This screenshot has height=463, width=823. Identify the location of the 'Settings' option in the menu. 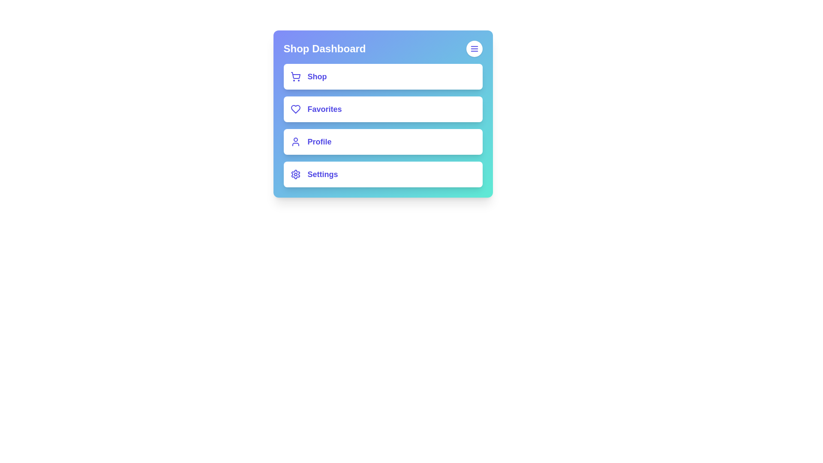
(382, 174).